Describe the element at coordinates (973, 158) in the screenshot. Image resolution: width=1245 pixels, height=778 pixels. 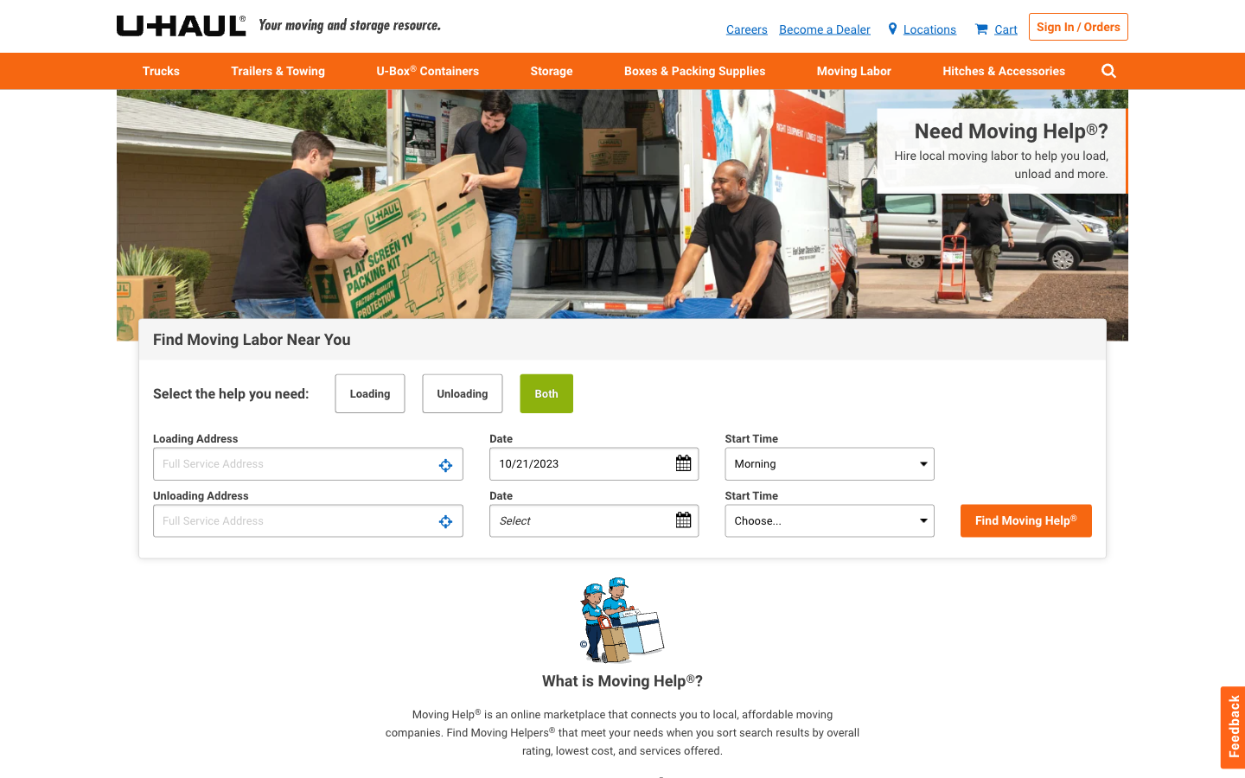
I see `Need to recruit local aid for moving` at that location.